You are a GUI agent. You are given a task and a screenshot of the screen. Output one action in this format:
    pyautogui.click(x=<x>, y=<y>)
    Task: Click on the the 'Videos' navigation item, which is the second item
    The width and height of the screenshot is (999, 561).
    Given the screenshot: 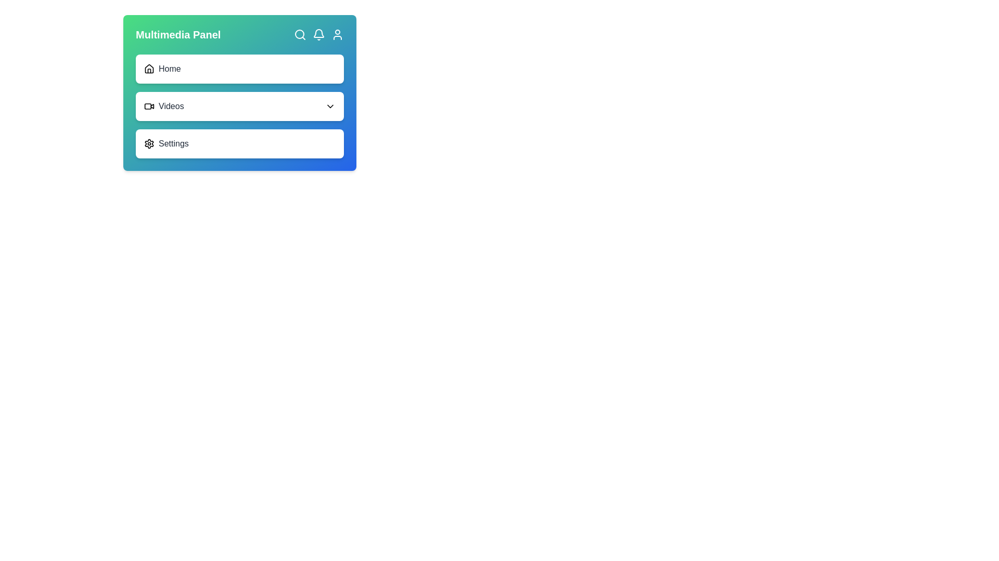 What is the action you would take?
    pyautogui.click(x=239, y=106)
    